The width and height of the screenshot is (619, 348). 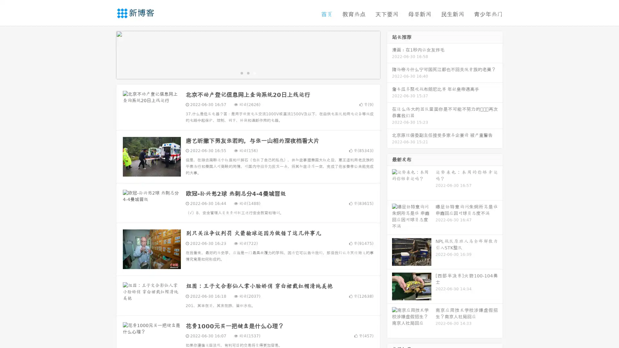 I want to click on Next slide, so click(x=389, y=54).